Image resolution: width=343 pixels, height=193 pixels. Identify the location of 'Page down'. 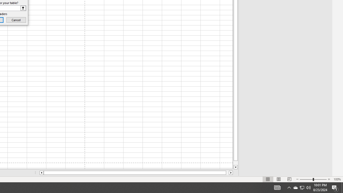
(236, 163).